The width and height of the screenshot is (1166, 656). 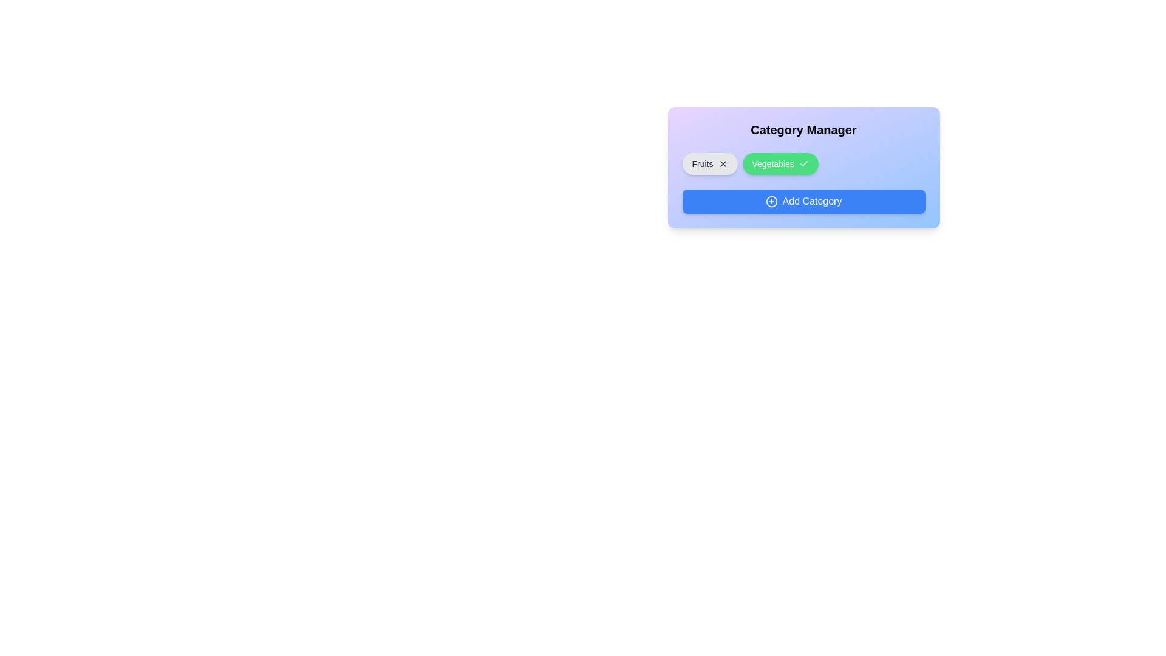 I want to click on the category chip labeled Fruits, so click(x=710, y=164).